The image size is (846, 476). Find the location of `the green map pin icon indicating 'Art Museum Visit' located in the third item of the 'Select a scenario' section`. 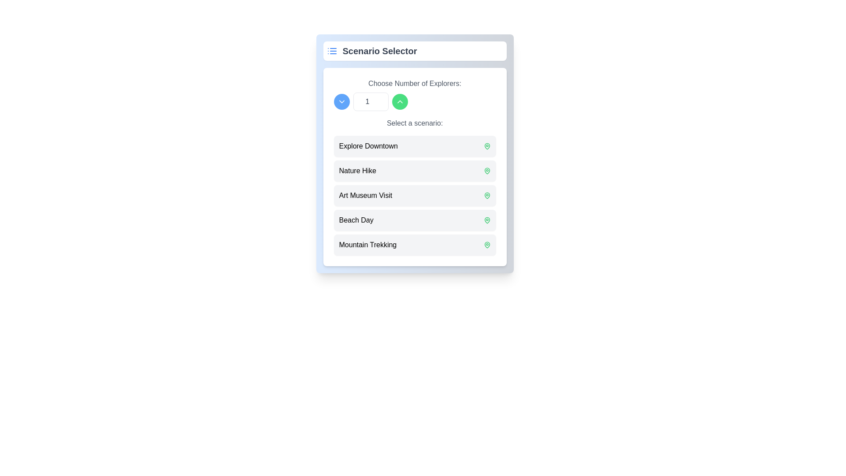

the green map pin icon indicating 'Art Museum Visit' located in the third item of the 'Select a scenario' section is located at coordinates (486, 195).